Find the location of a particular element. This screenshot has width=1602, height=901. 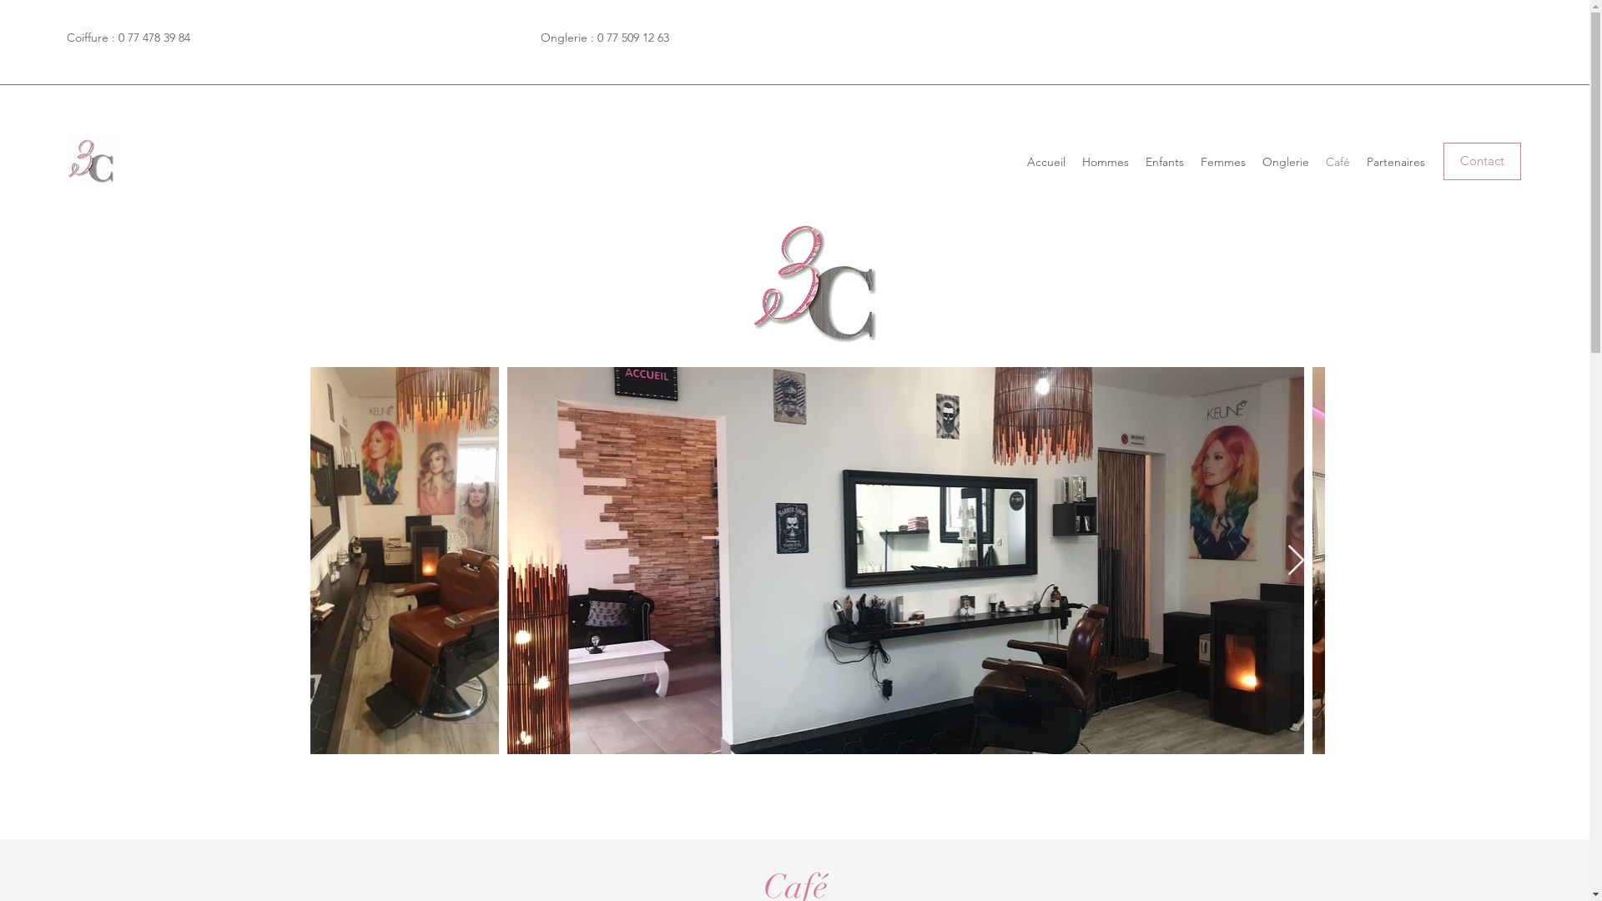

'Onglerie' is located at coordinates (1284, 161).